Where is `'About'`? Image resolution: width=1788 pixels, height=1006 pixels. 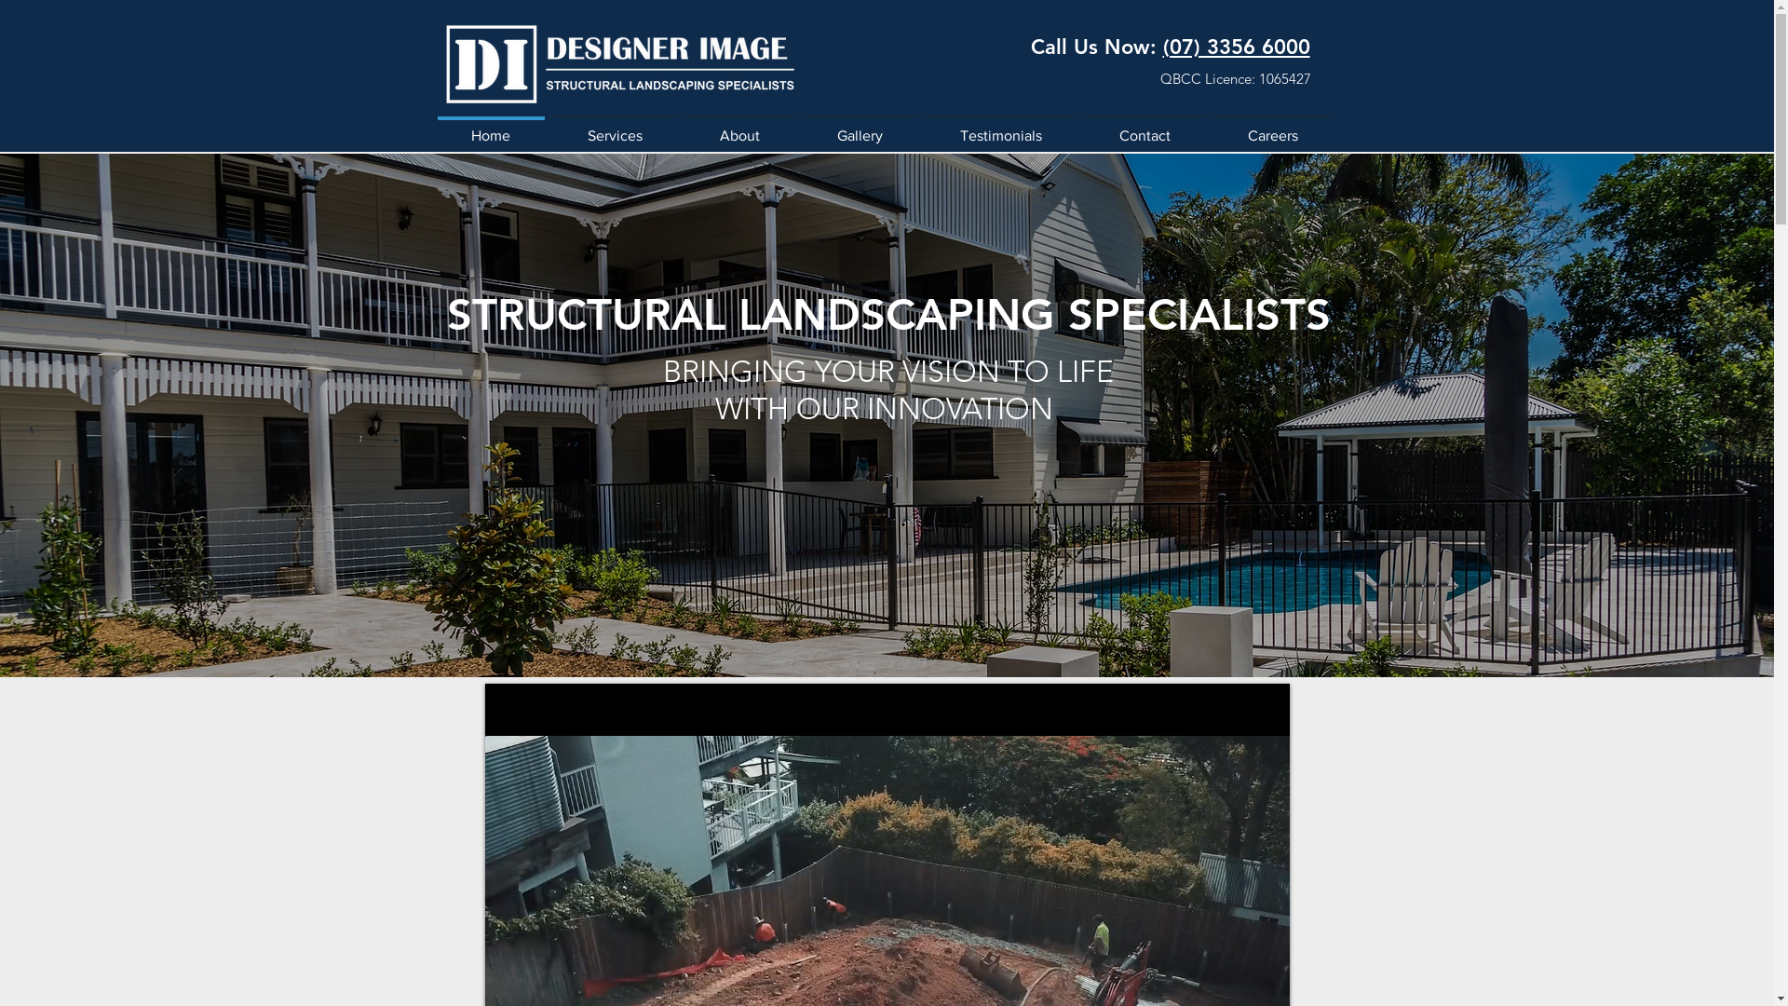
'About' is located at coordinates (739, 126).